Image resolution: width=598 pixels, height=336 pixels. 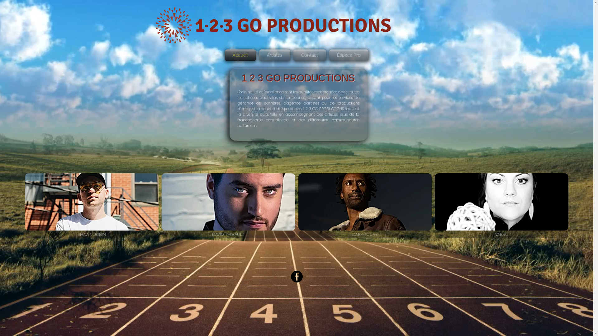 I want to click on 'Espace Pro', so click(x=348, y=55).